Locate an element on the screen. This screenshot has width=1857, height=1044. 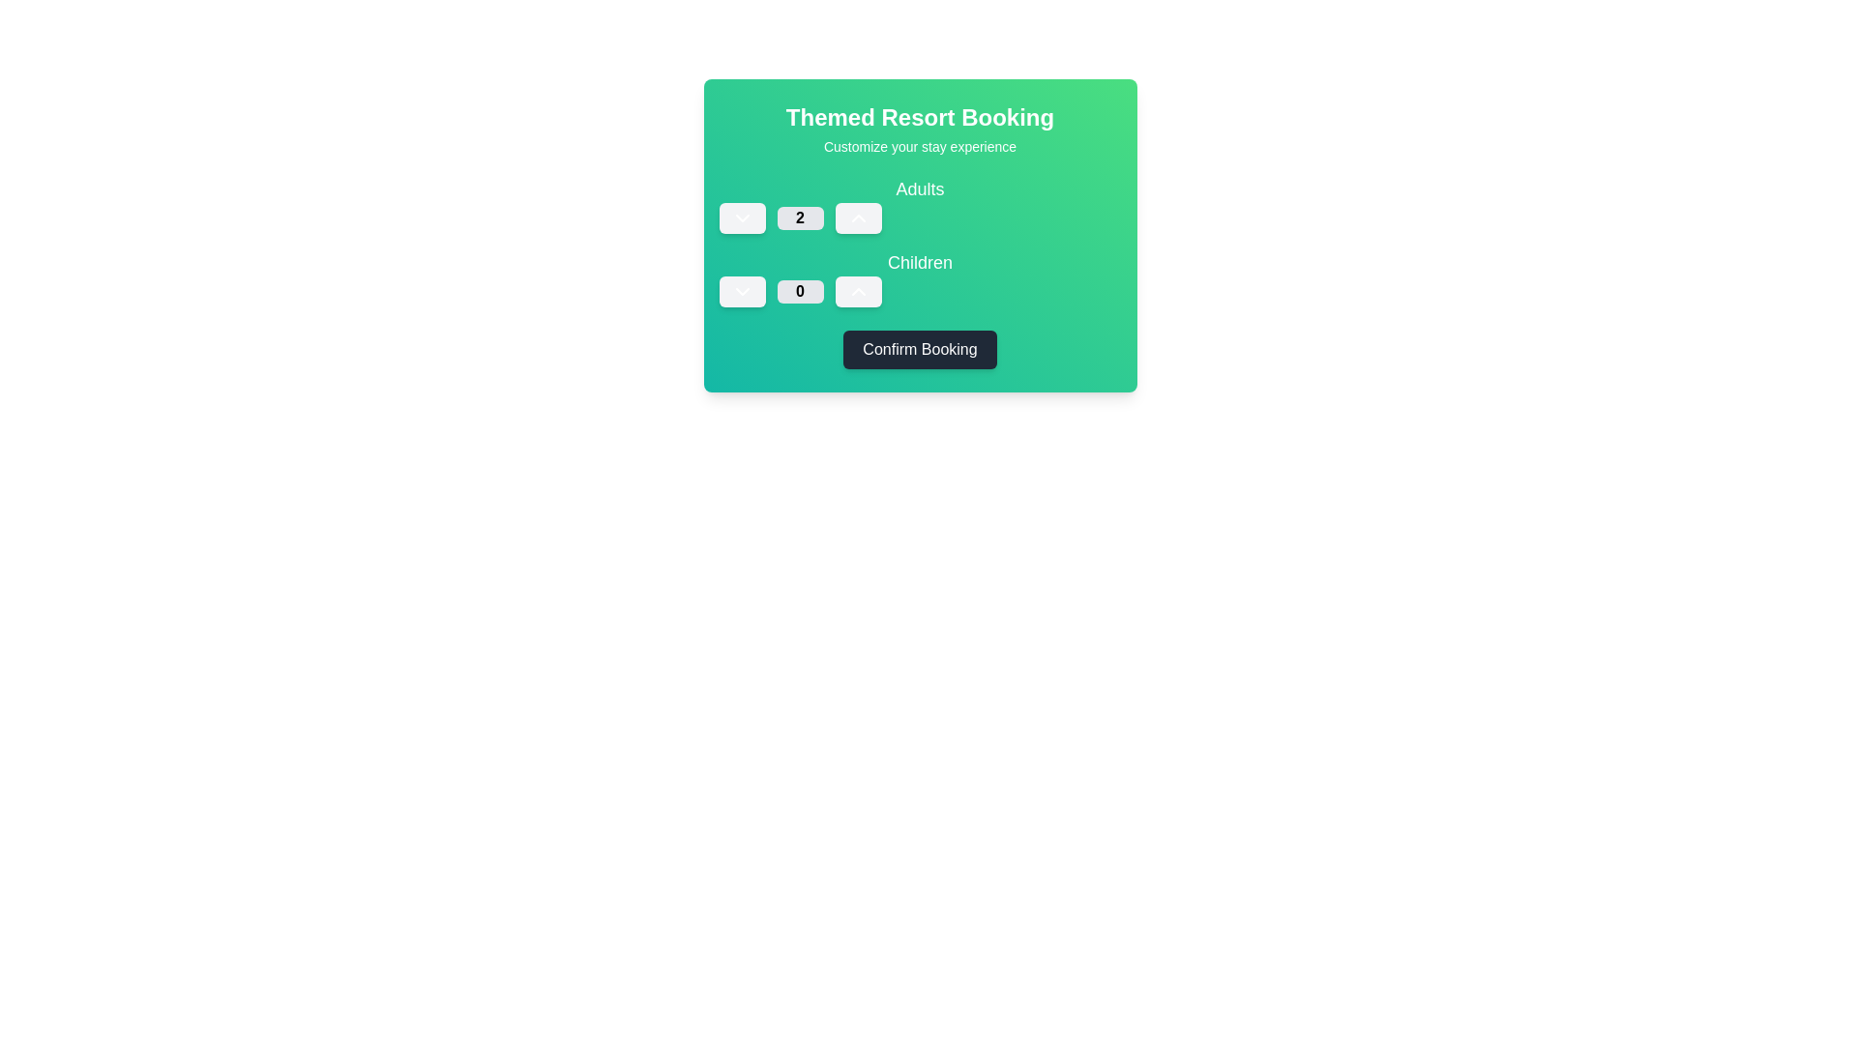
the upward increment button represented as a chevron-shaped arrow inside a square button in the 'Children' count selector for focus effect is located at coordinates (857, 291).